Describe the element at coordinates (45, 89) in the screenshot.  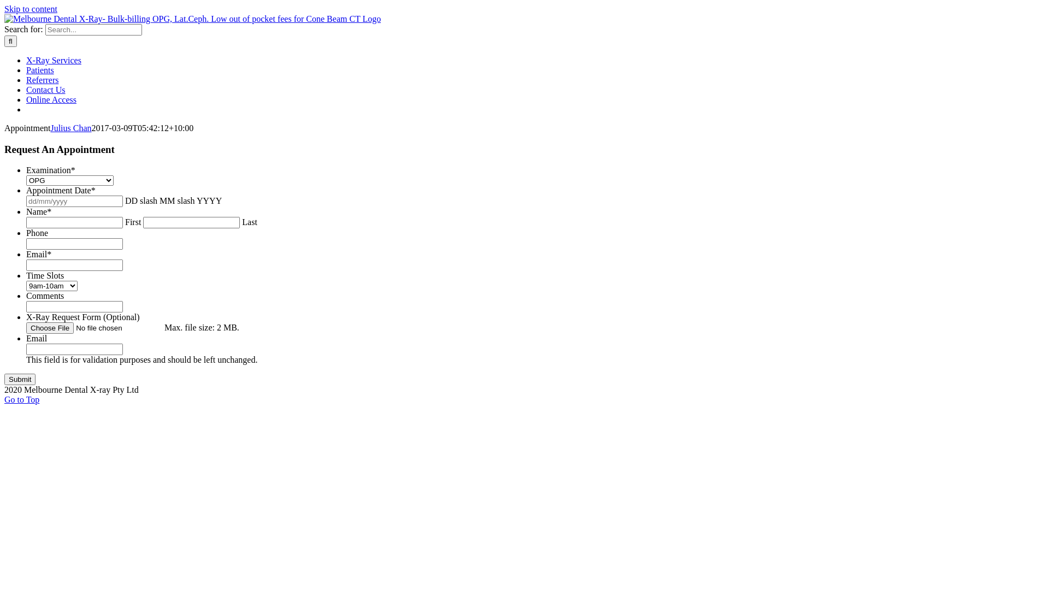
I see `'Contact Us'` at that location.